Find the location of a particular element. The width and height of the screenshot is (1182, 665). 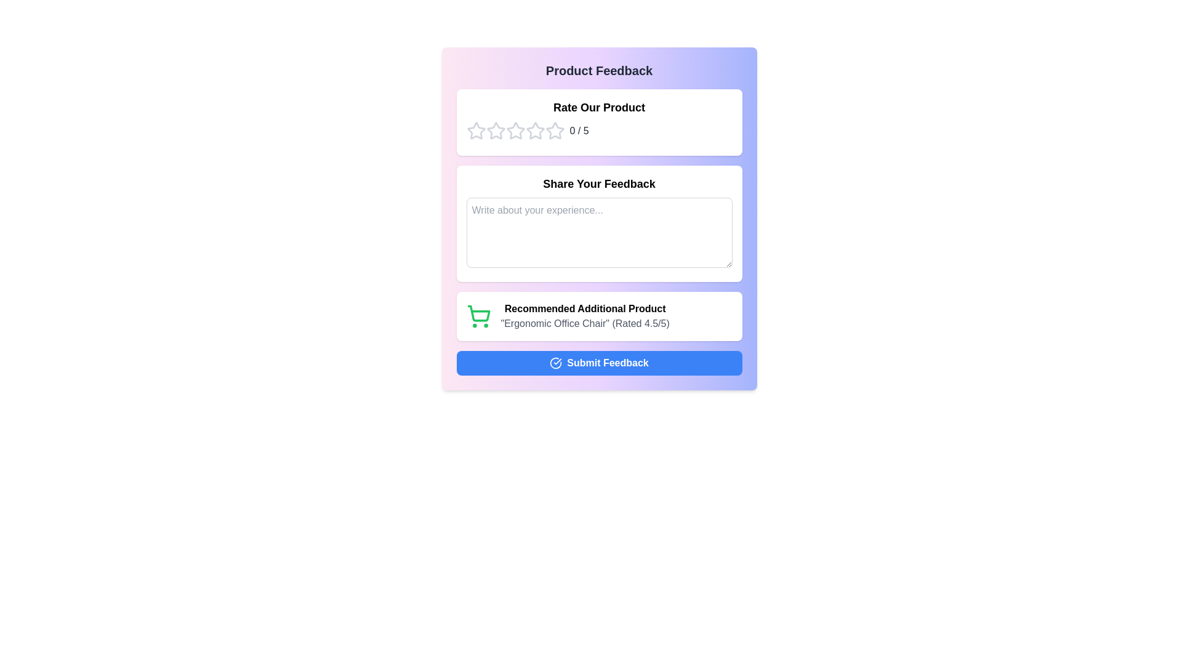

the first star-shaped rating icon in the five-star rating system under the heading 'Rate Our Product' is located at coordinates (496, 131).